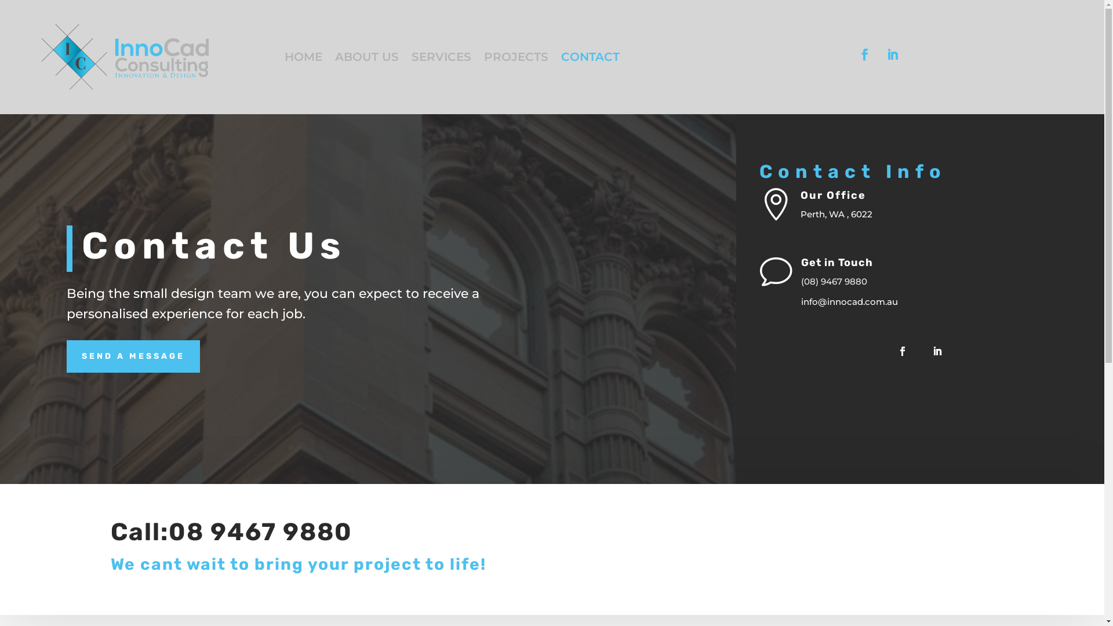 The image size is (1113, 626). Describe the element at coordinates (441, 59) in the screenshot. I see `'SERVICES'` at that location.